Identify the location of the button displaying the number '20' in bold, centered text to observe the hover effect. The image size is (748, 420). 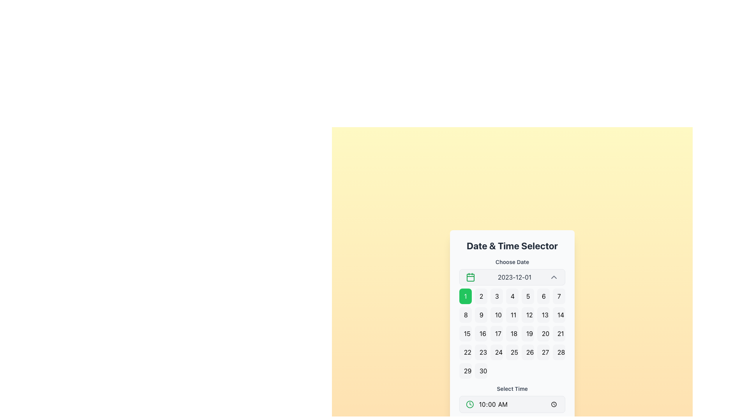
(543, 333).